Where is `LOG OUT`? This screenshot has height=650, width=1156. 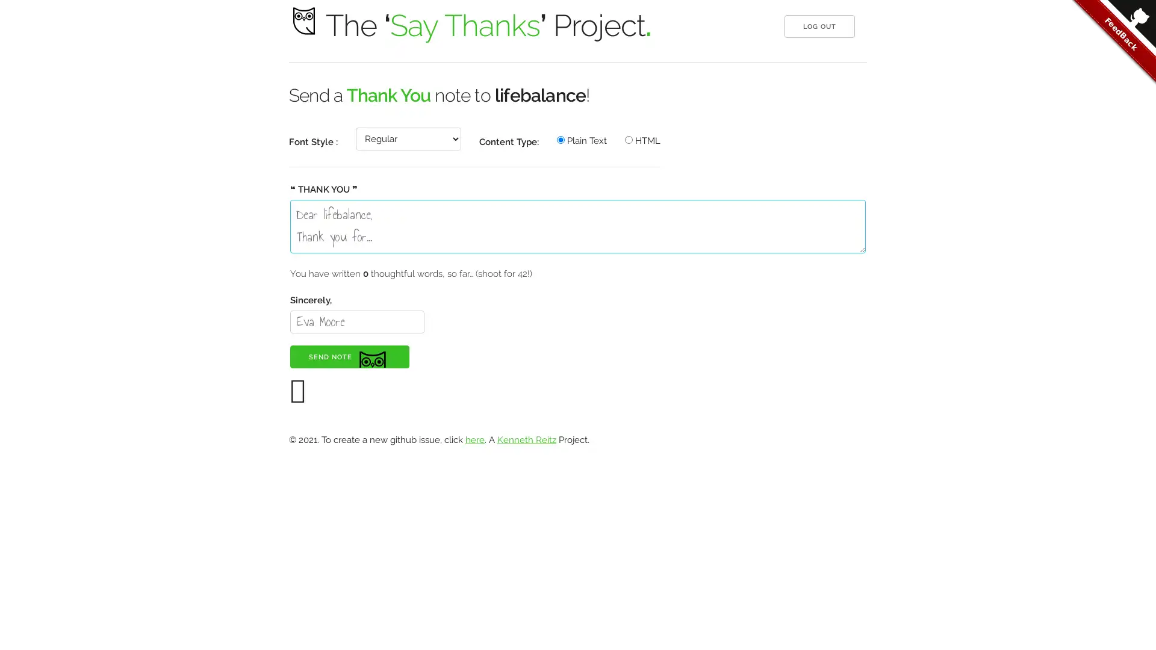
LOG OUT is located at coordinates (819, 26).